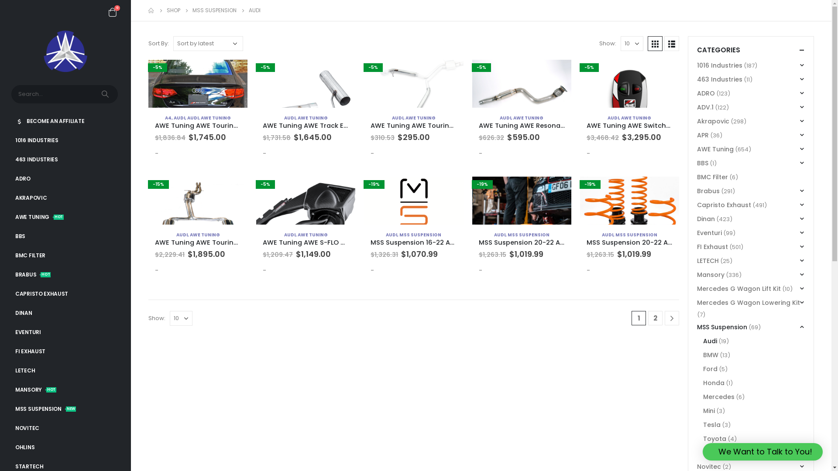 The height and width of the screenshot is (471, 838). I want to click on 'MANSORYHOT', so click(65, 389).